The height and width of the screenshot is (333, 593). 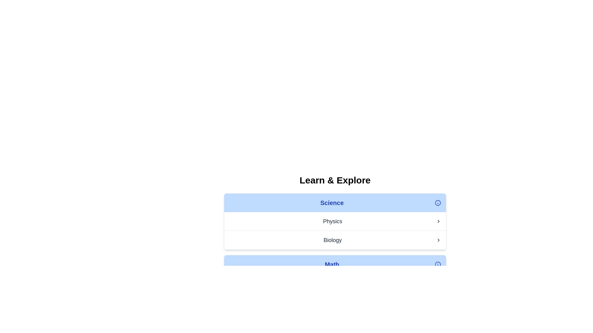 What do you see at coordinates (437, 264) in the screenshot?
I see `SVG circle element that is part of the information icon located in the top-right corner of the 'Science' header area` at bounding box center [437, 264].